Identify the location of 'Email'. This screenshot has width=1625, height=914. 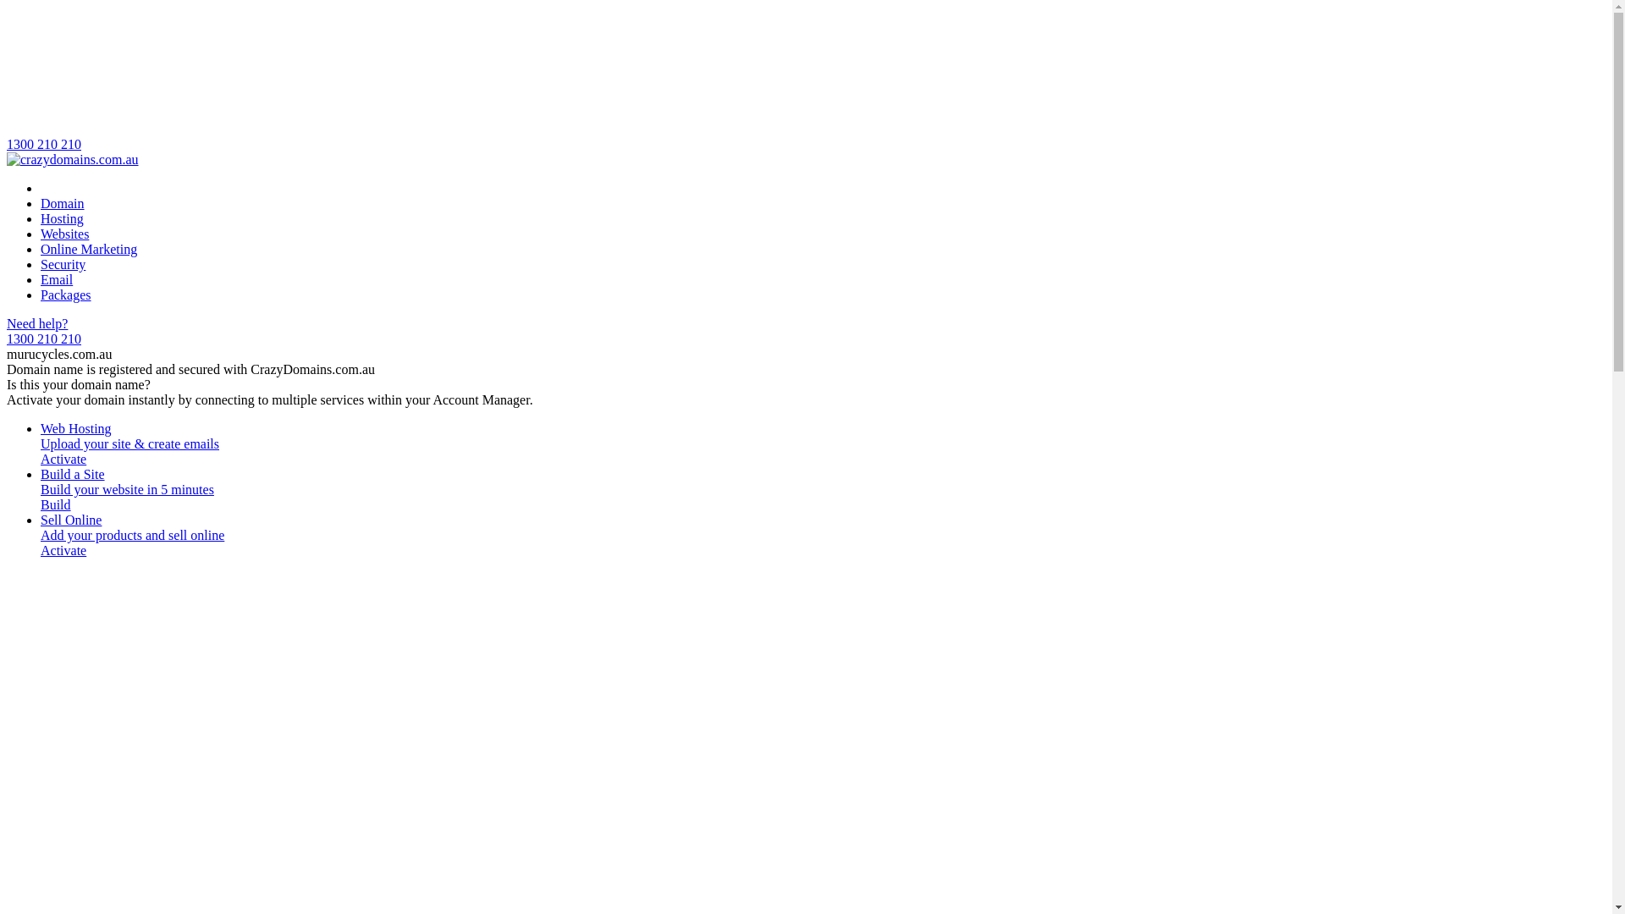
(57, 278).